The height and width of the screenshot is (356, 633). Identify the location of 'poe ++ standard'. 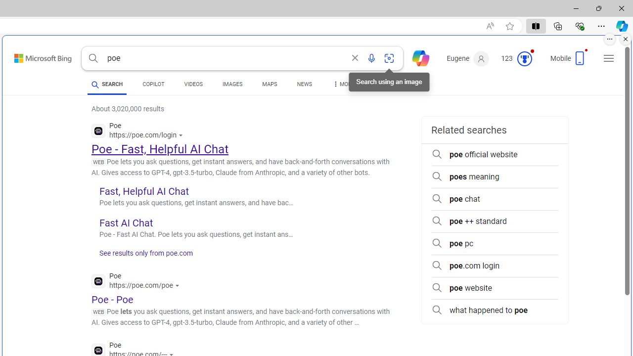
(495, 221).